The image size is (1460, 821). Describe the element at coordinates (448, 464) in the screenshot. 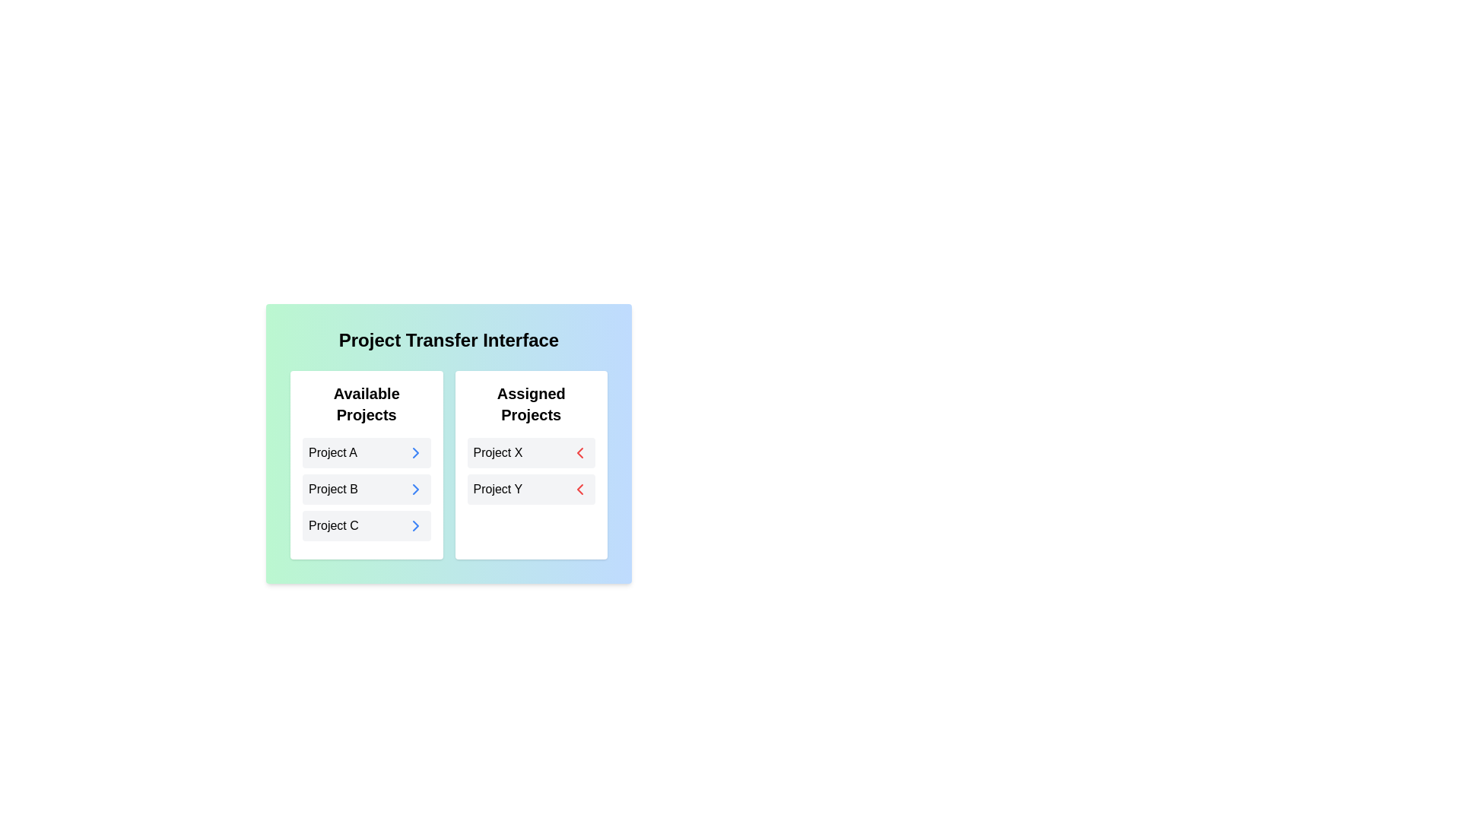

I see `and drop elements between the 'Available Projects' and 'Assigned Projects' lists in the Project Transfer Interface, utilizing the composite UI component located at the center coordinates` at that location.